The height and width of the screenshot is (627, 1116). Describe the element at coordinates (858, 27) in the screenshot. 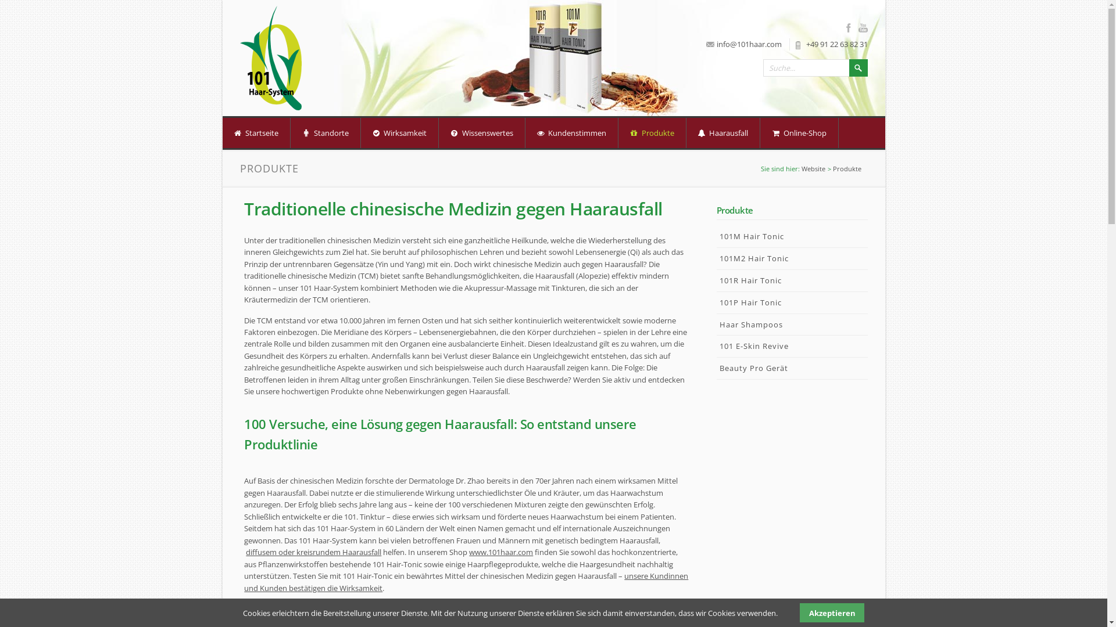

I see `'Youtube'` at that location.